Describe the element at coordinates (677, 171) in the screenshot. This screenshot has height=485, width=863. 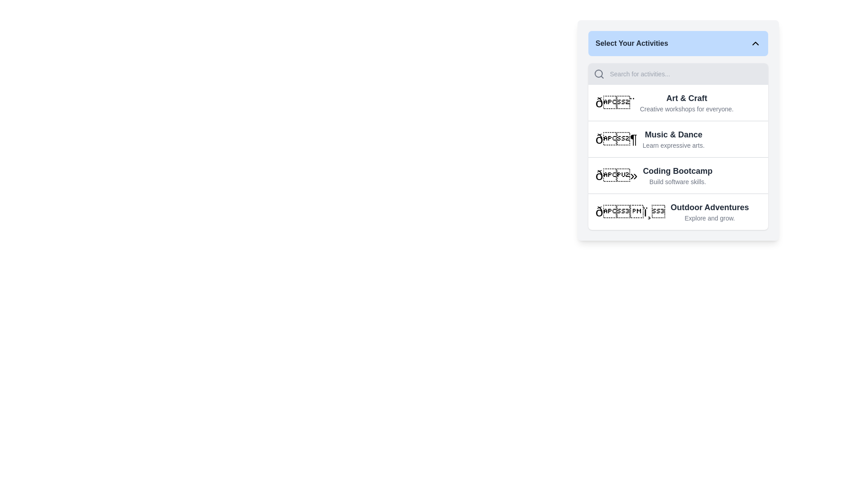
I see `the Text Label for the activity 'Coding Bootcamp', which is the third item in the list of activities under the card labeled 'Select Your Activities'` at that location.